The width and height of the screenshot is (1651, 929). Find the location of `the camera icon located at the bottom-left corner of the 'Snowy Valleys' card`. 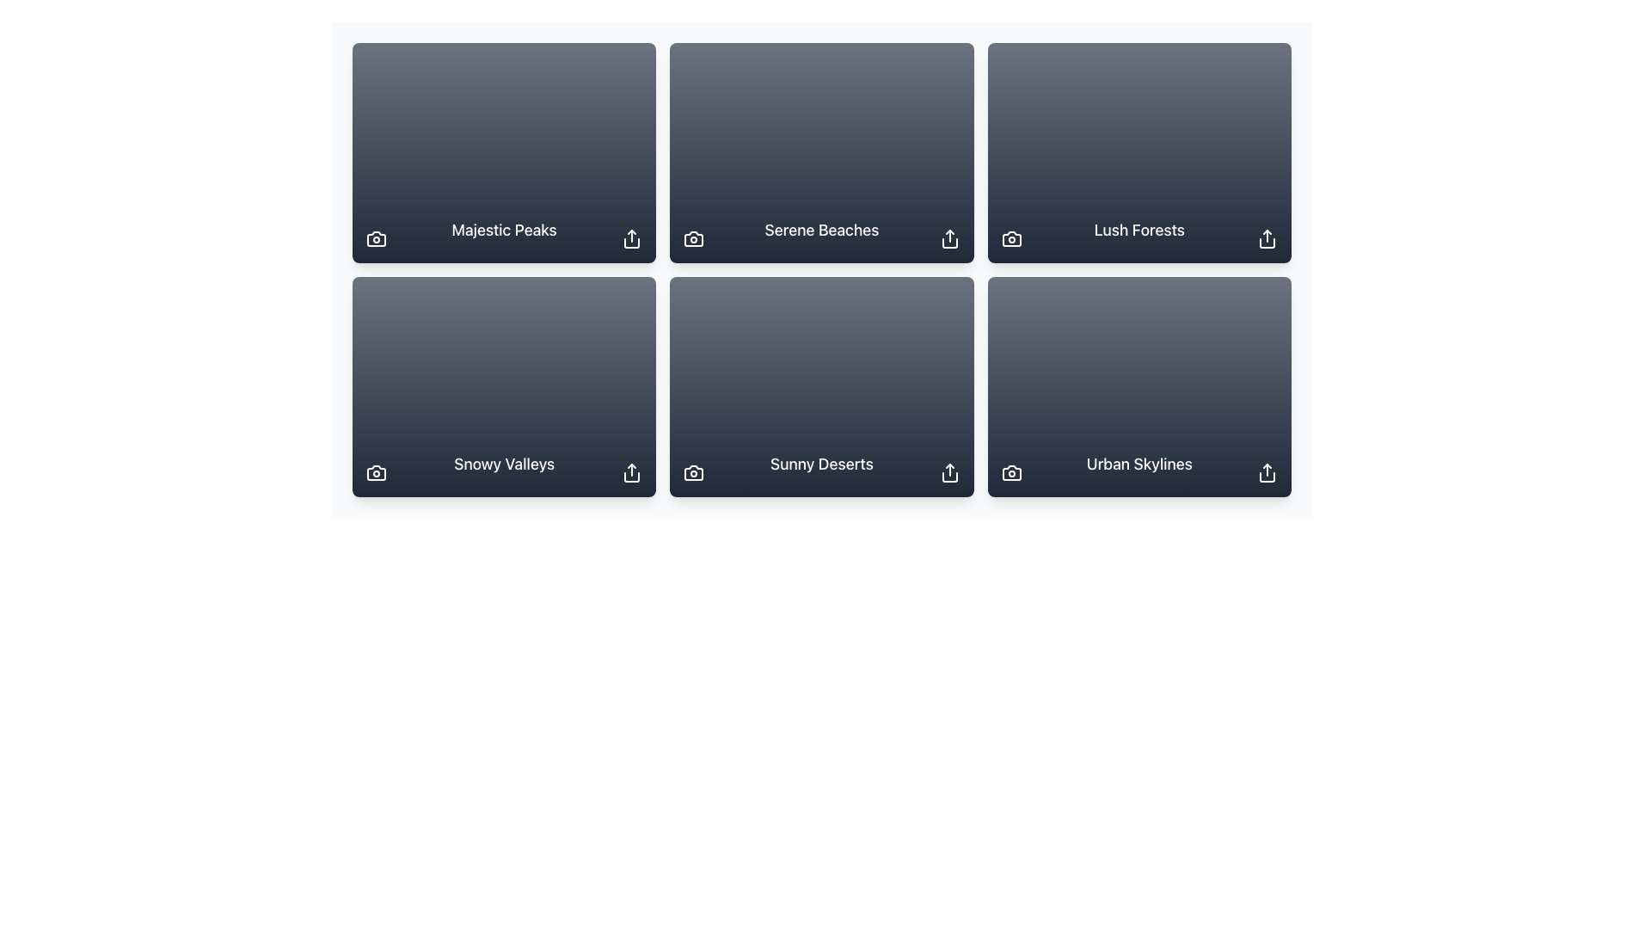

the camera icon located at the bottom-left corner of the 'Snowy Valleys' card is located at coordinates (375, 473).